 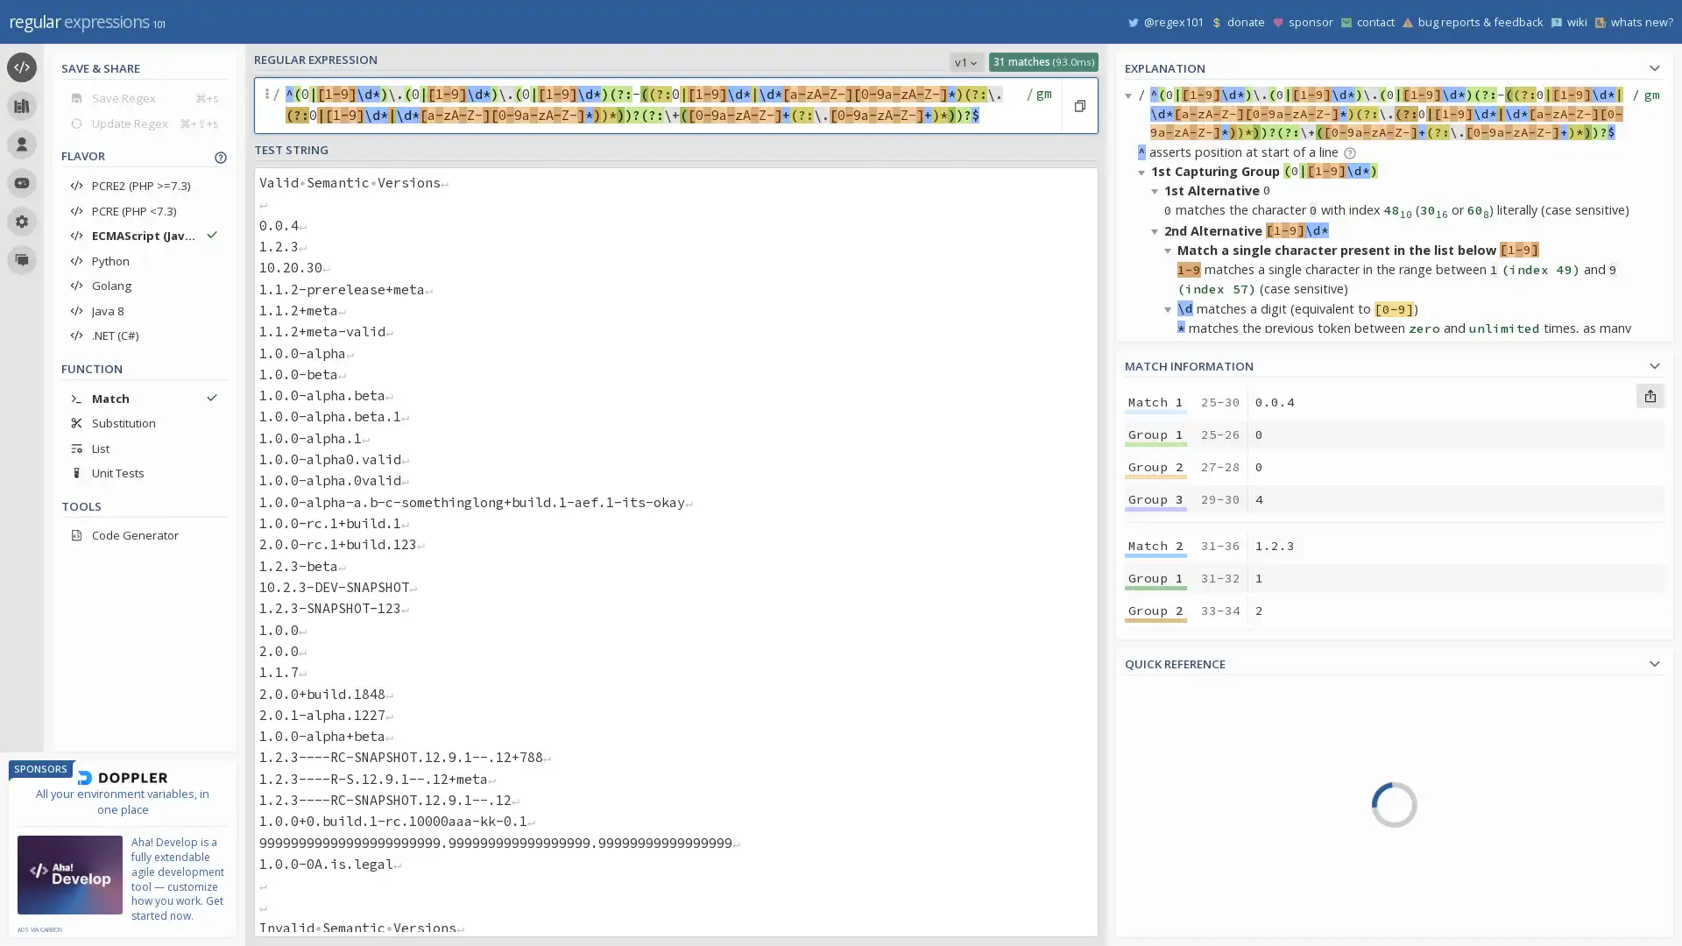 What do you see at coordinates (1144, 172) in the screenshot?
I see `Collapse Subtree` at bounding box center [1144, 172].